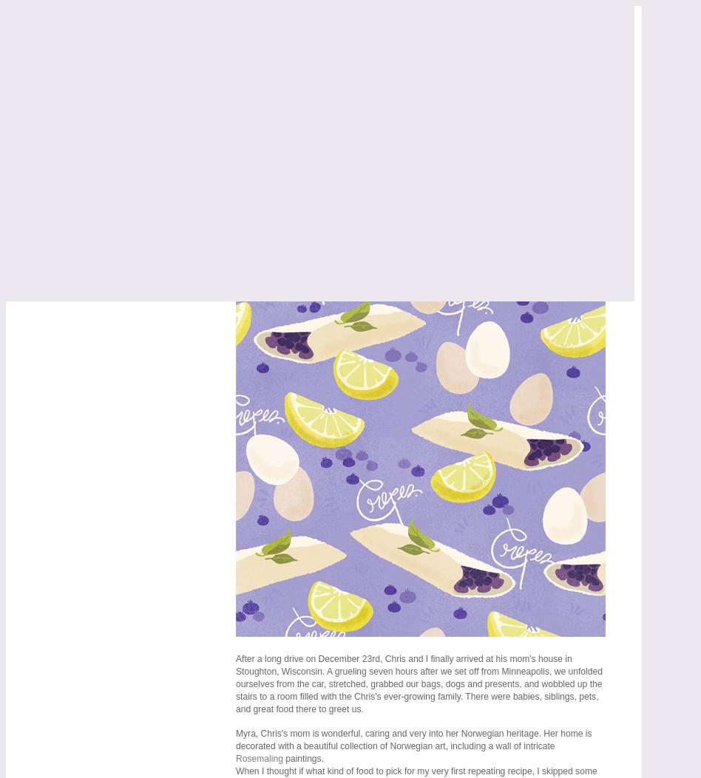 The height and width of the screenshot is (778, 701). I want to click on 'Repeating Recipes : Norwegian Blueberry Breakfast Crepes', so click(393, 249).